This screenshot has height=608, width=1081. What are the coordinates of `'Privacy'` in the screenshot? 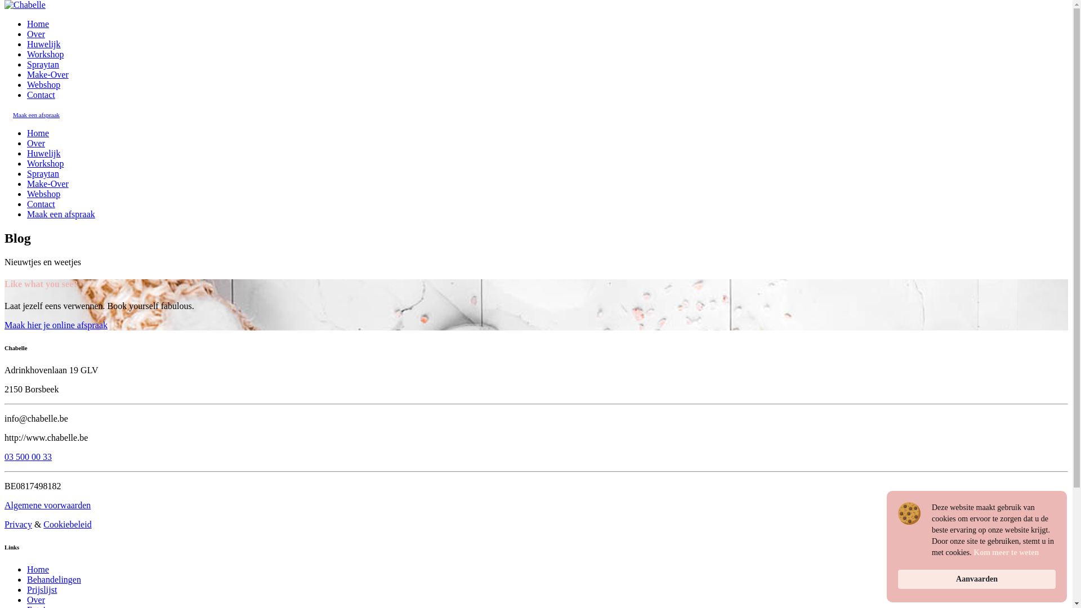 It's located at (18, 524).